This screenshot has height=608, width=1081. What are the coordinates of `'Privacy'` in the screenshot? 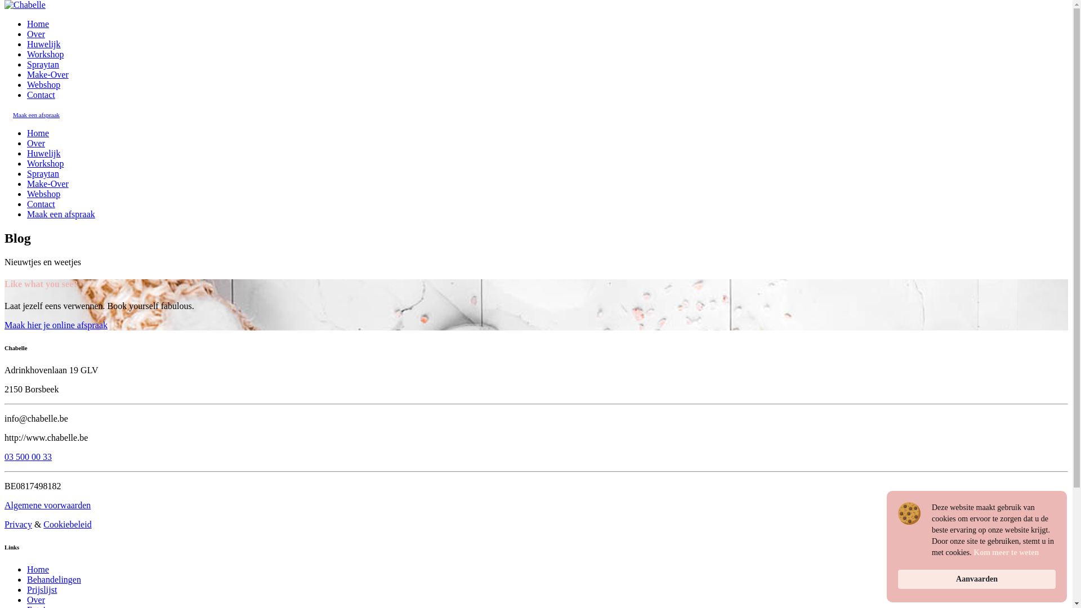 It's located at (18, 524).